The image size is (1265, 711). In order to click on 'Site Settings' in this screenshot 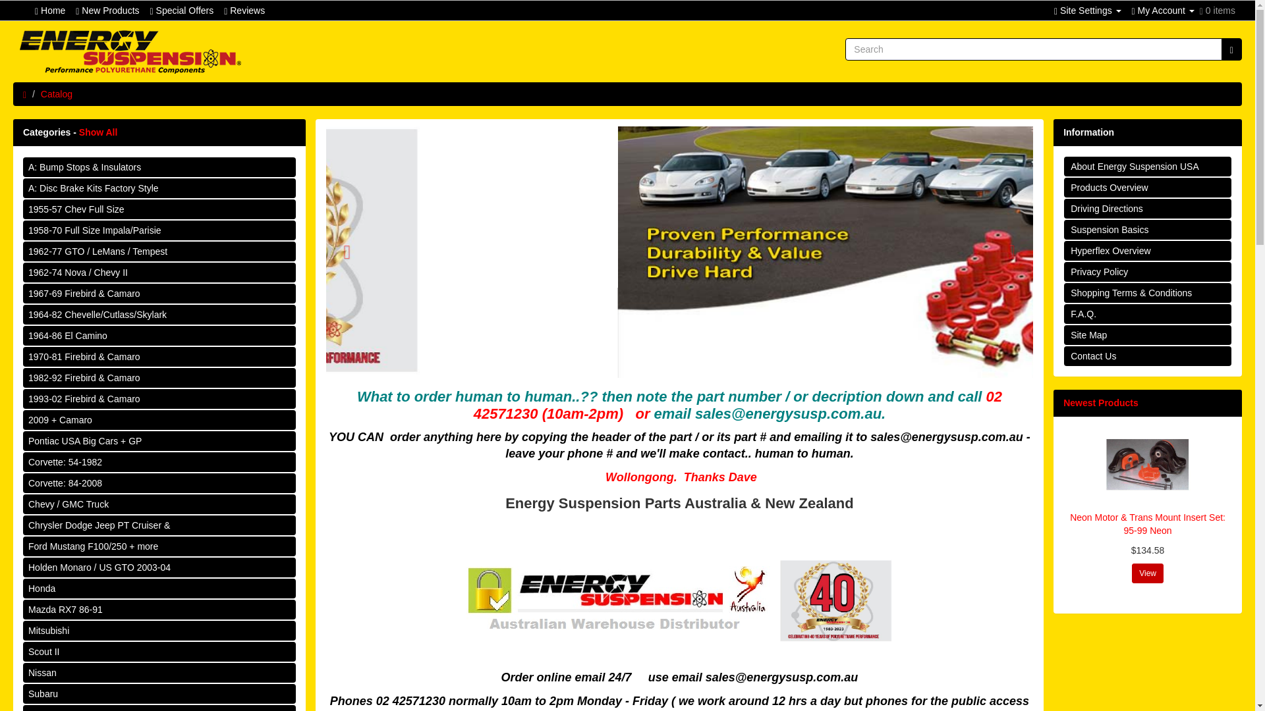, I will do `click(1088, 10)`.